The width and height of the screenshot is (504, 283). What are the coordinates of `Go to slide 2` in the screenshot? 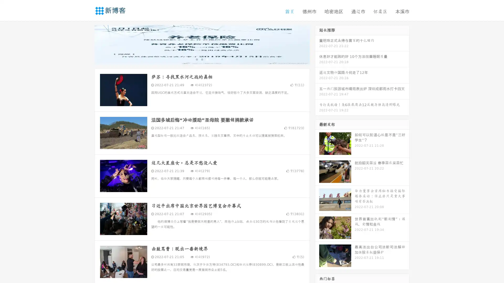 It's located at (202, 59).